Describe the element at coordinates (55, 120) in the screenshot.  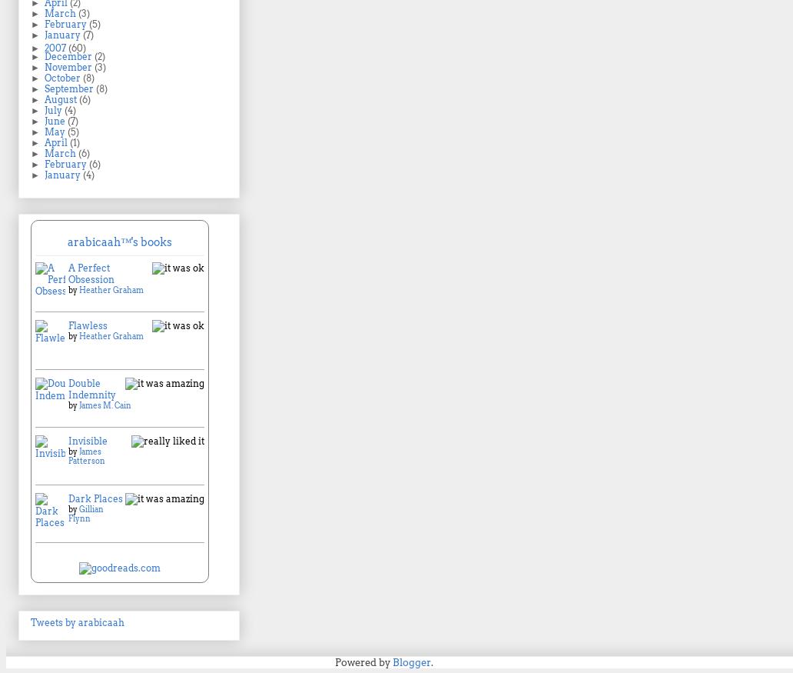
I see `'June'` at that location.